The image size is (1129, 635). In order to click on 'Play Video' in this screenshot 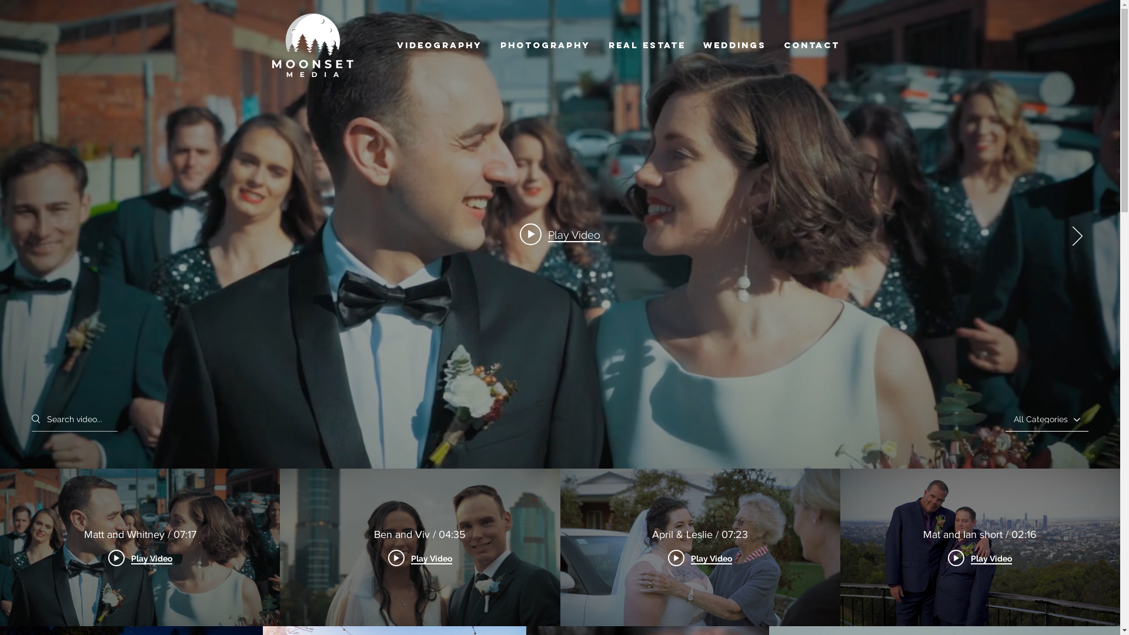, I will do `click(108, 557)`.